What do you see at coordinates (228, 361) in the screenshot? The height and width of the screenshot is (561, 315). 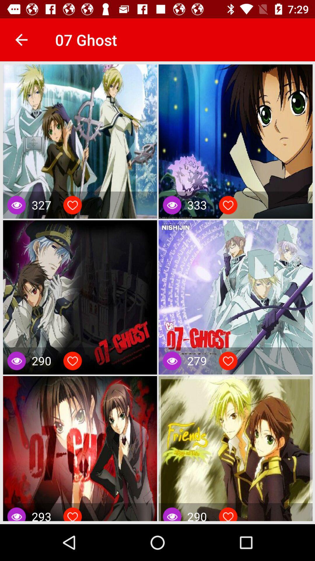 I see `episode to favorites` at bounding box center [228, 361].